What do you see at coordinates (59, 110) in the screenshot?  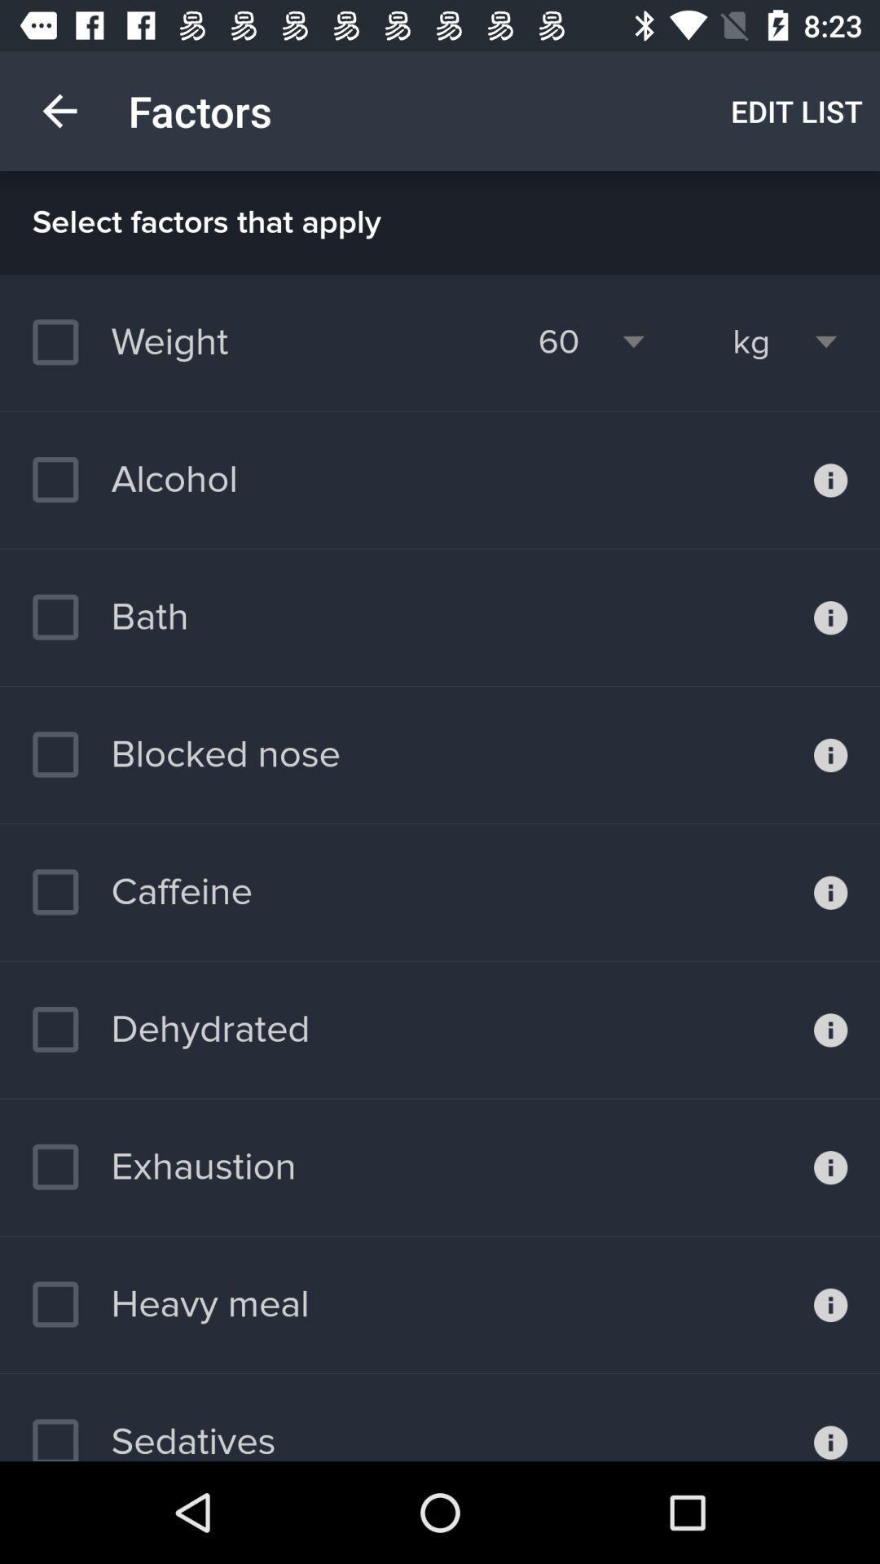 I see `item next to factors` at bounding box center [59, 110].